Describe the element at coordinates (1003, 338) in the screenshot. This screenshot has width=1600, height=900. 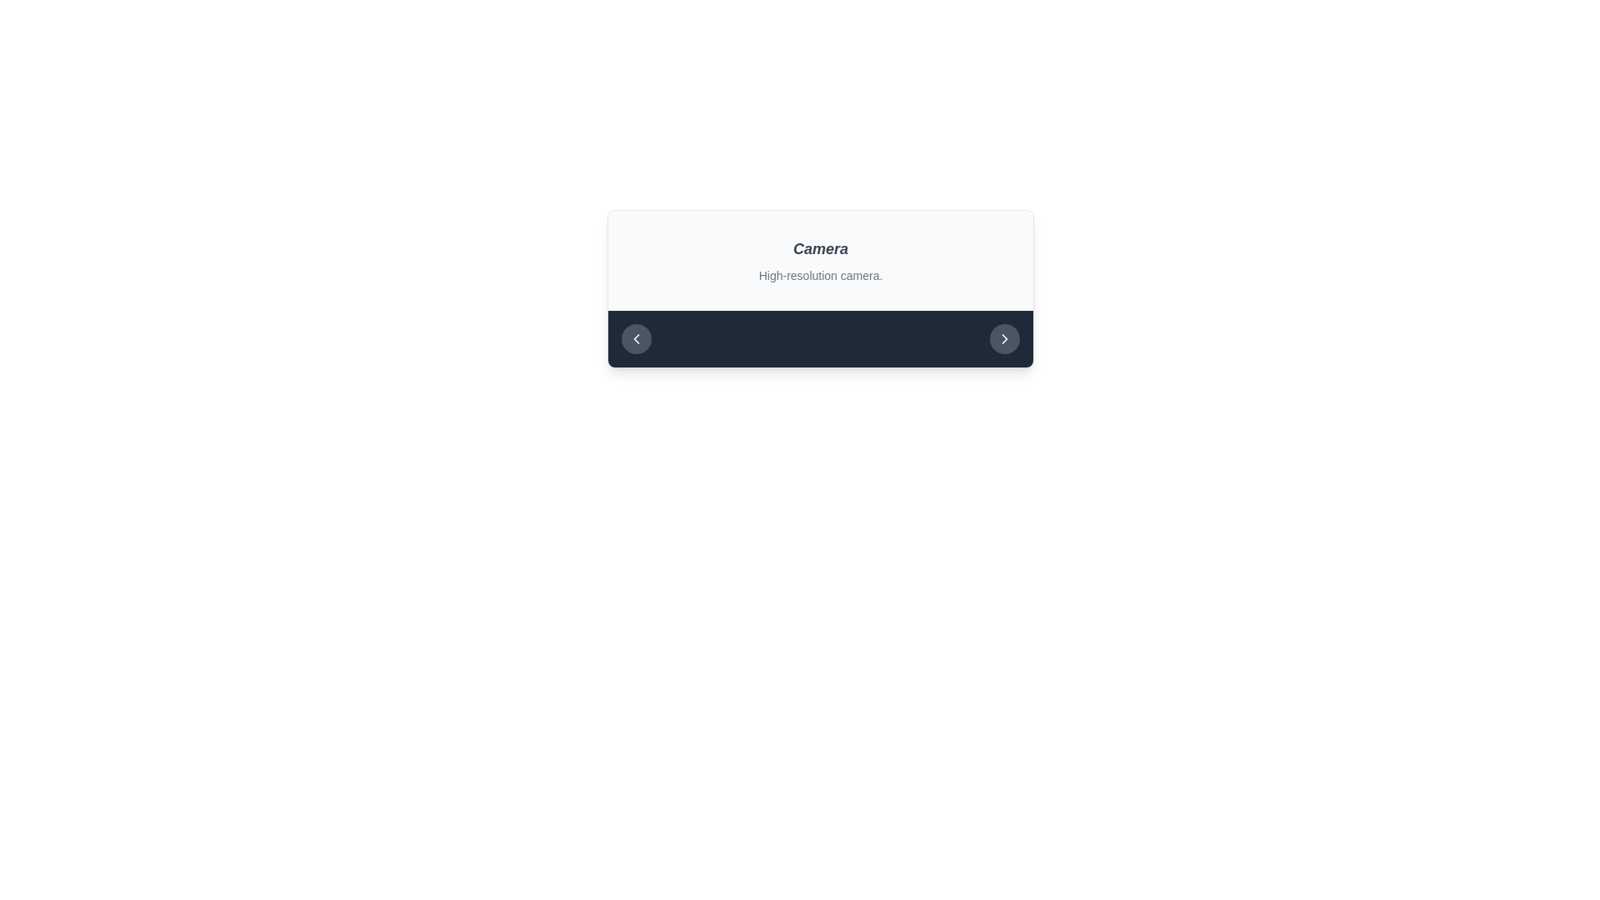
I see `the navigational icon button located at the far right of a dark horizontal bar below the description card` at that location.